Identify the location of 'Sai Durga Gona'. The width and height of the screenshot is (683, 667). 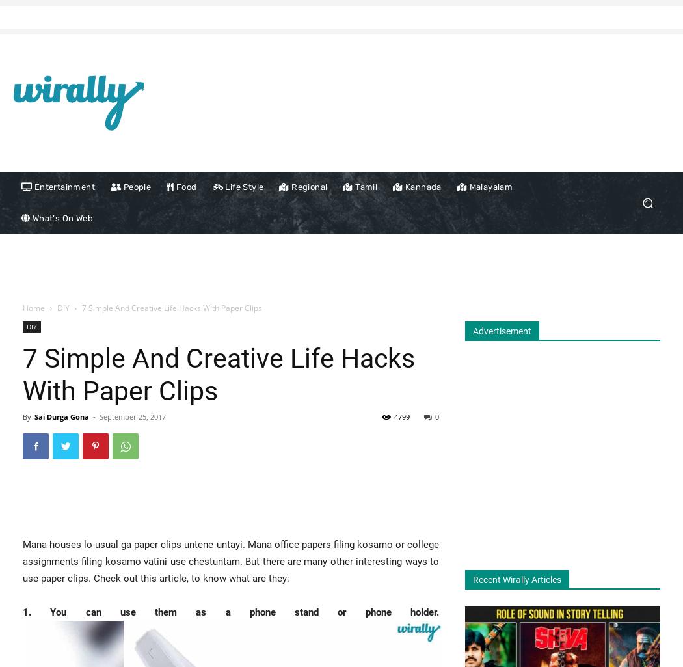
(62, 416).